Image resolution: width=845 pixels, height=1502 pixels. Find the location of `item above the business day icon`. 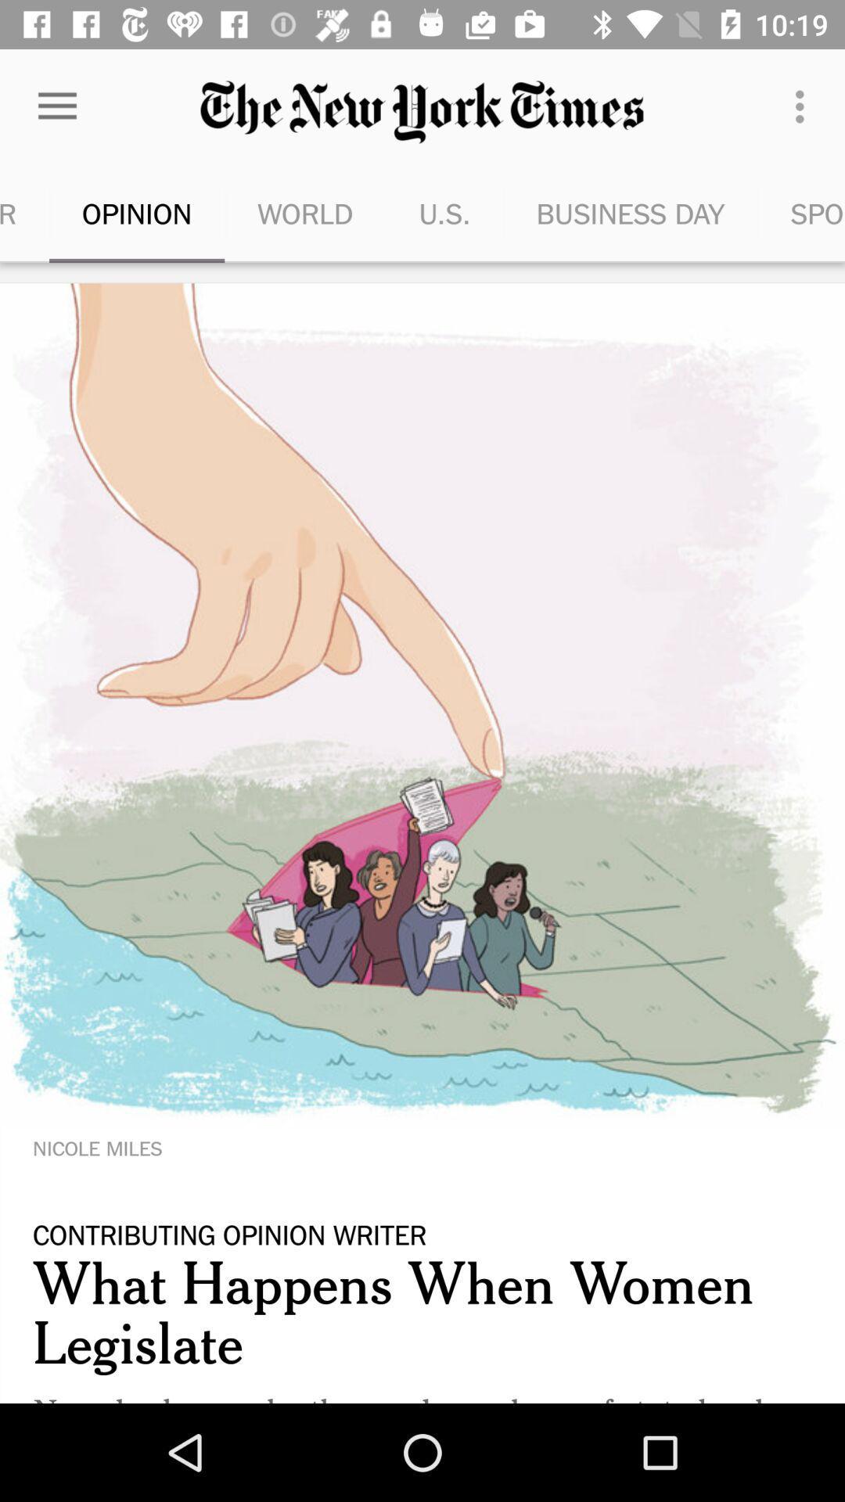

item above the business day icon is located at coordinates (804, 106).